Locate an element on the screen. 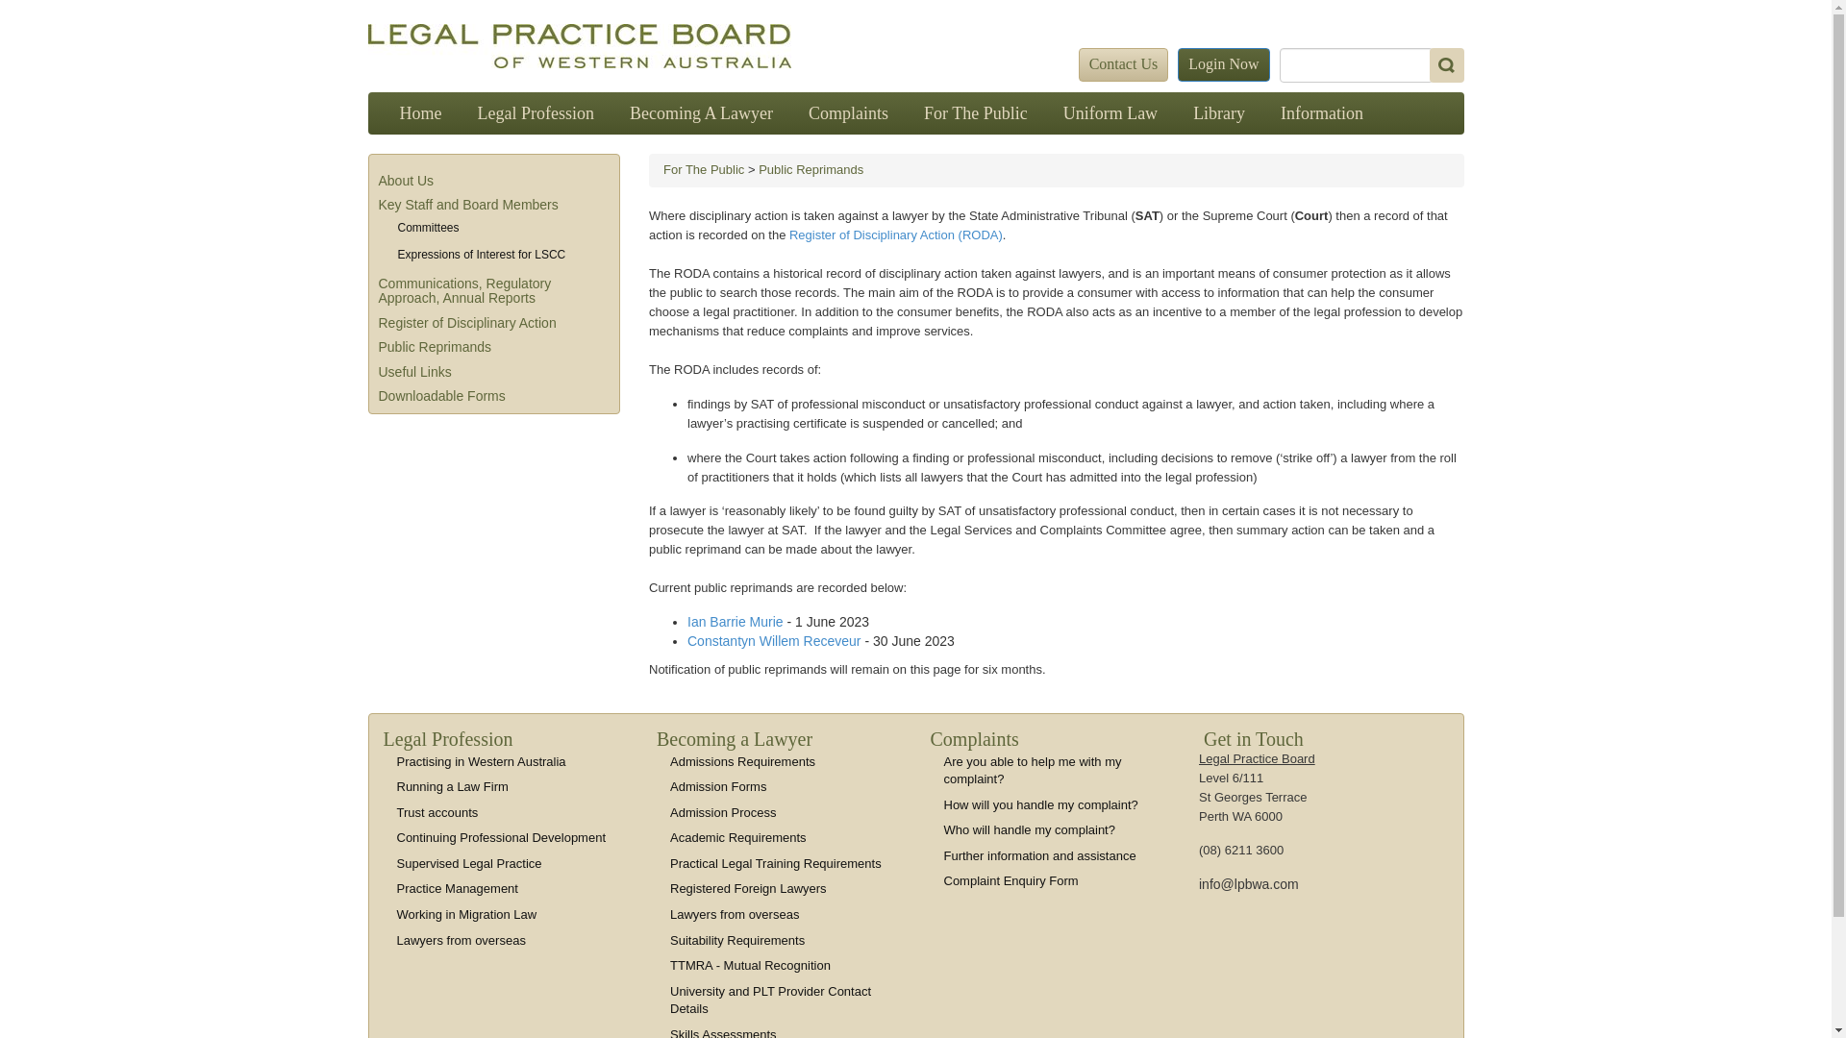  'Further information and assistance' is located at coordinates (1038, 854).